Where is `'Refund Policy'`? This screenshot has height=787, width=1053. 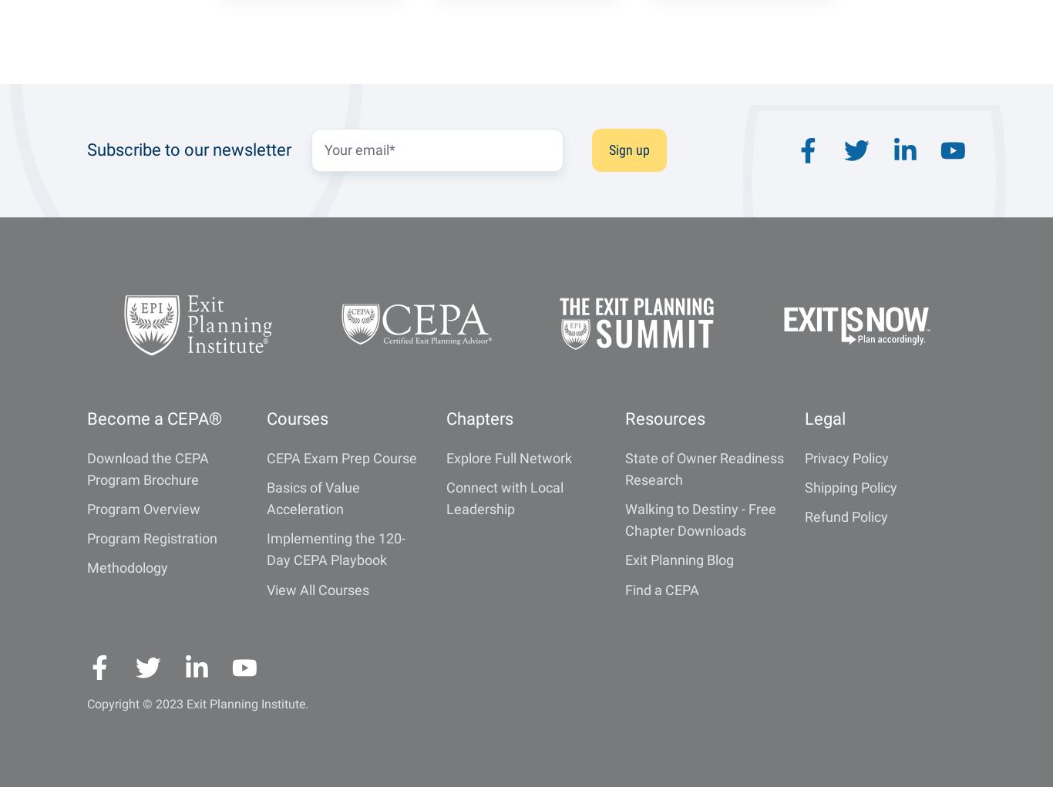
'Refund Policy' is located at coordinates (845, 516).